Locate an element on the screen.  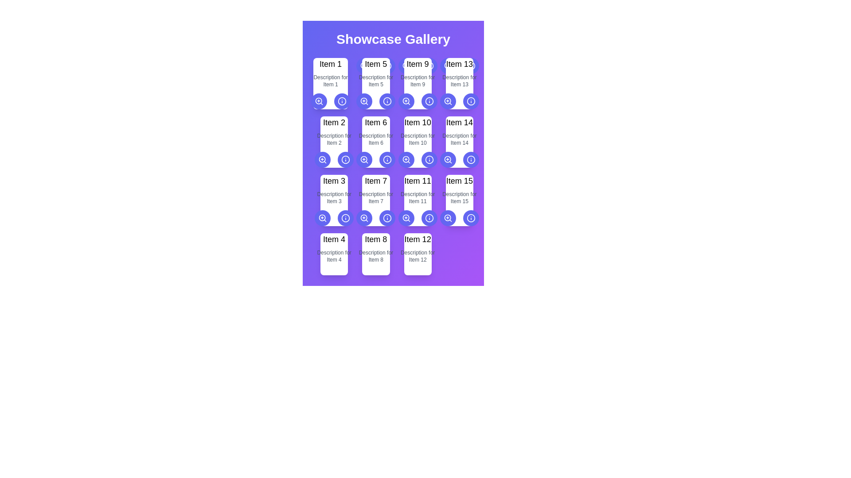
the circular blue button styled with a white border and an information icon, which serves as the info button for 'Item 6', to change its color to purple is located at coordinates (345, 160).